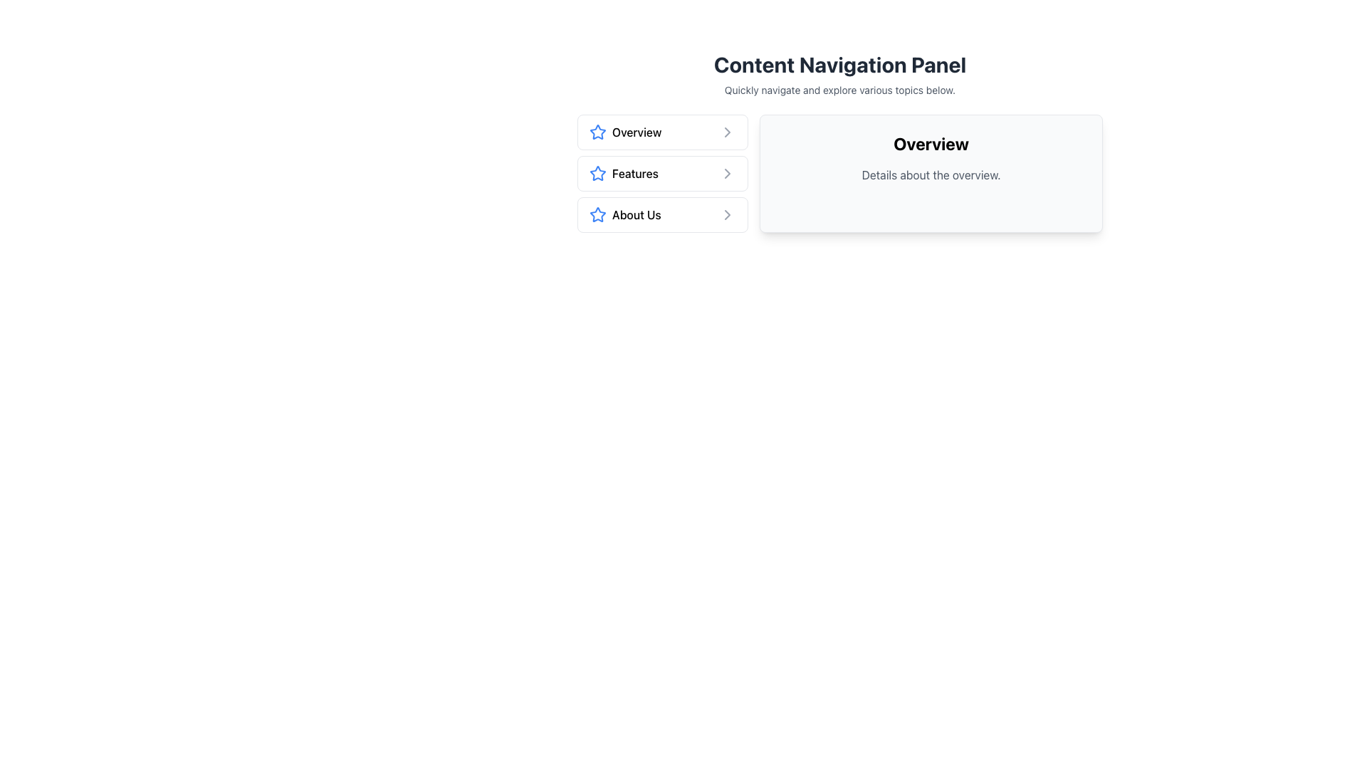 The width and height of the screenshot is (1367, 769). What do you see at coordinates (840, 90) in the screenshot?
I see `descriptive text located directly beneath the title 'Content Navigation Panel' for guidance` at bounding box center [840, 90].